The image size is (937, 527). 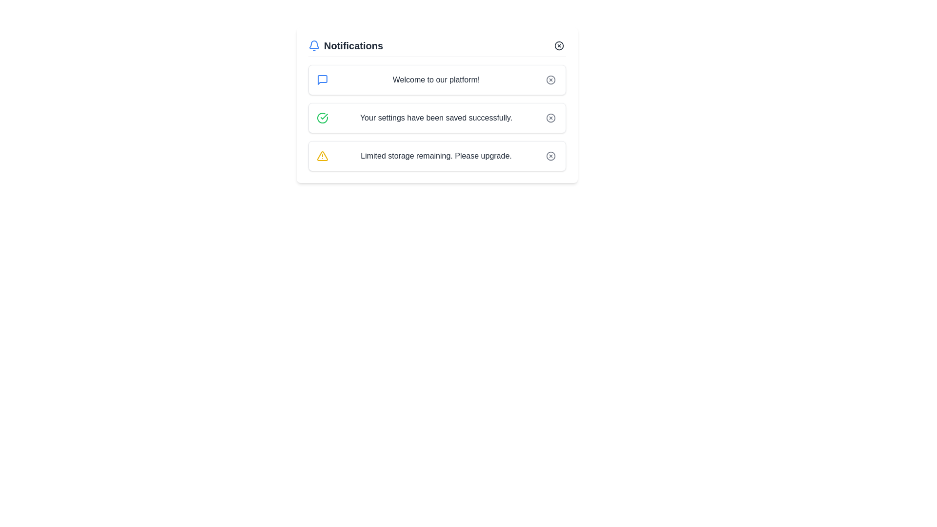 I want to click on the circular close button with a light gray background and dark gray X icon located in the notification section for the message 'Your settings have been saved successfully.', so click(x=550, y=118).